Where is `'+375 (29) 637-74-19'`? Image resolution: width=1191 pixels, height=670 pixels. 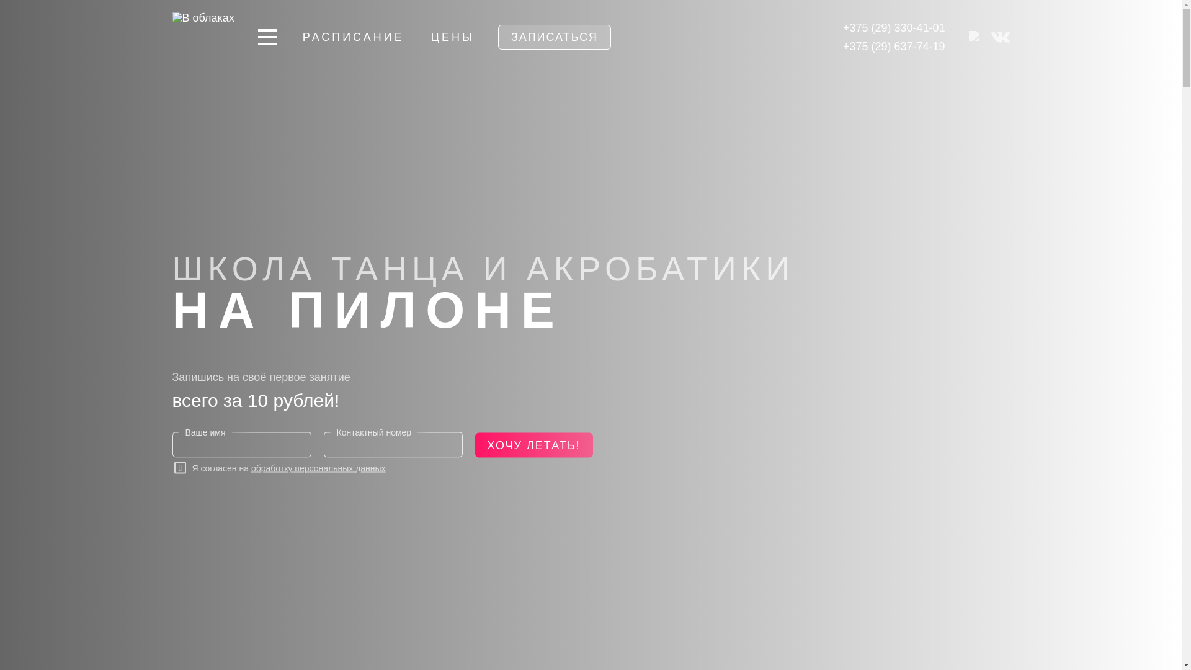 '+375 (29) 637-74-19' is located at coordinates (894, 45).